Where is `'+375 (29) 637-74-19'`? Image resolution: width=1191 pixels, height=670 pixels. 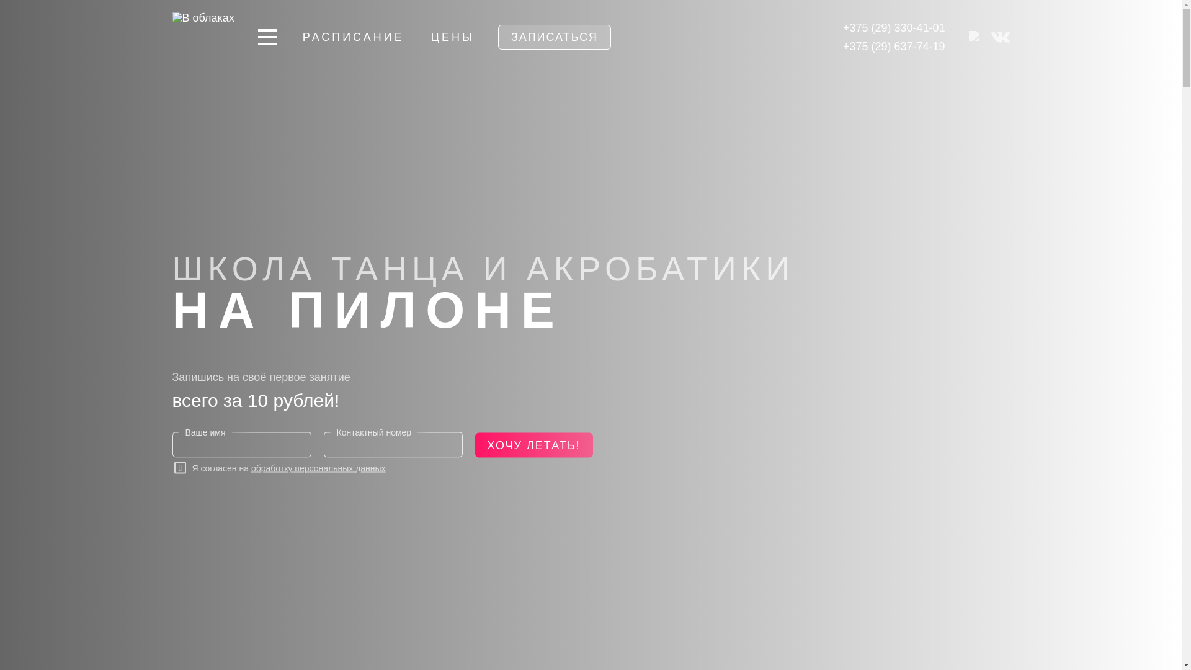 '+375 (29) 637-74-19' is located at coordinates (894, 45).